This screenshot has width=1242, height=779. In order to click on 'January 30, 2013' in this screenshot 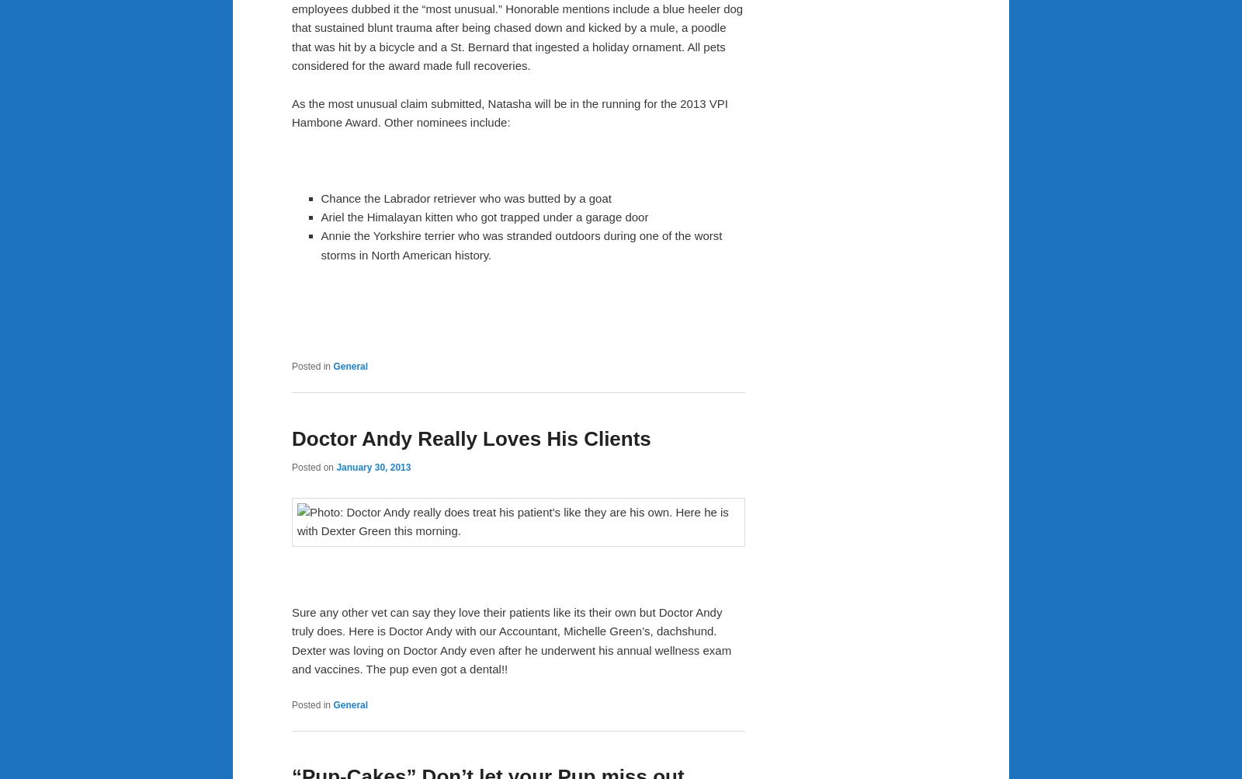, I will do `click(372, 465)`.